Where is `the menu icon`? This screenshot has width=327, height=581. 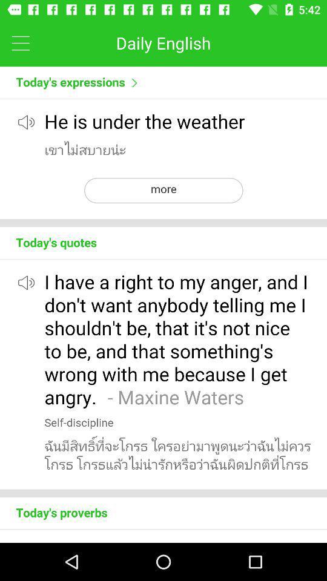 the menu icon is located at coordinates (20, 42).